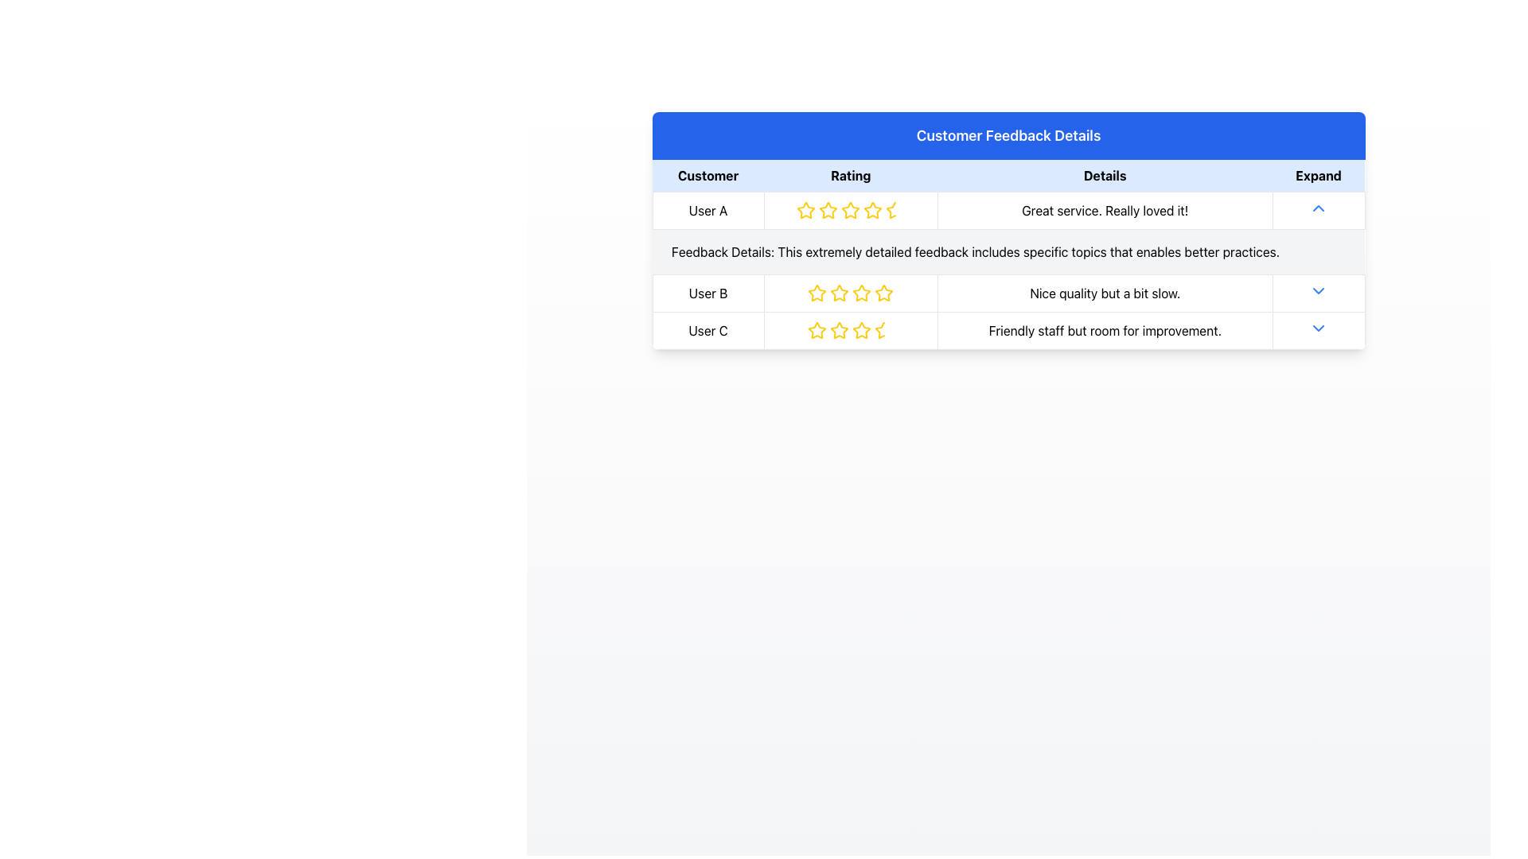 The height and width of the screenshot is (859, 1528). I want to click on the static text display located in the second row of the table, which provides detailed feedback content below 'User A's feedback, spanning the 'Customer' and 'Rating' columns, so click(1008, 251).